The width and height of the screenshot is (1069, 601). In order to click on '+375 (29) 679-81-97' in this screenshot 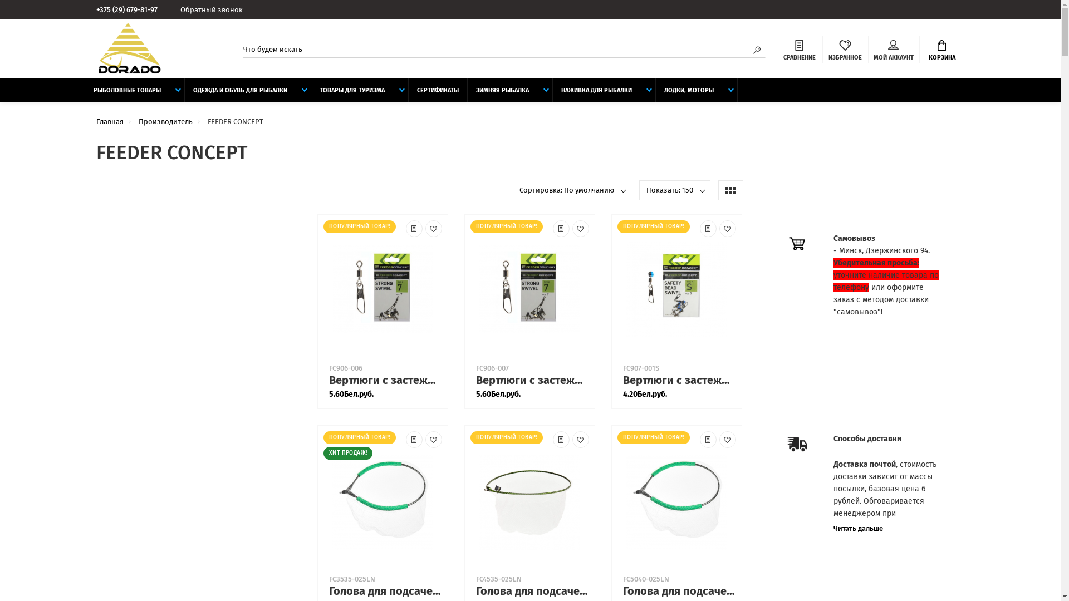, I will do `click(131, 9)`.